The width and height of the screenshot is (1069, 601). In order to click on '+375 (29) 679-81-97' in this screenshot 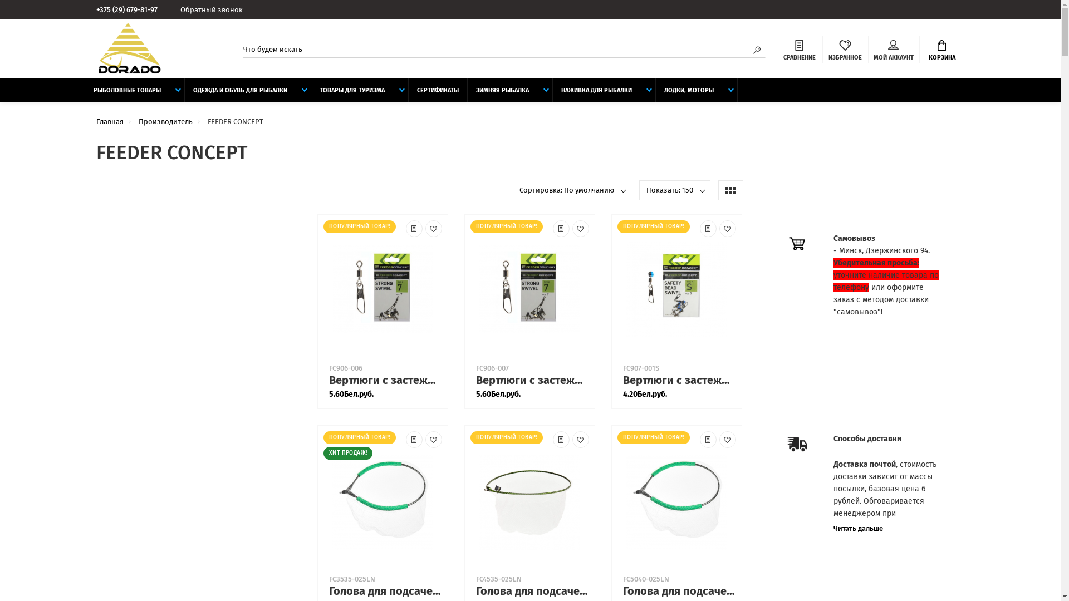, I will do `click(131, 9)`.